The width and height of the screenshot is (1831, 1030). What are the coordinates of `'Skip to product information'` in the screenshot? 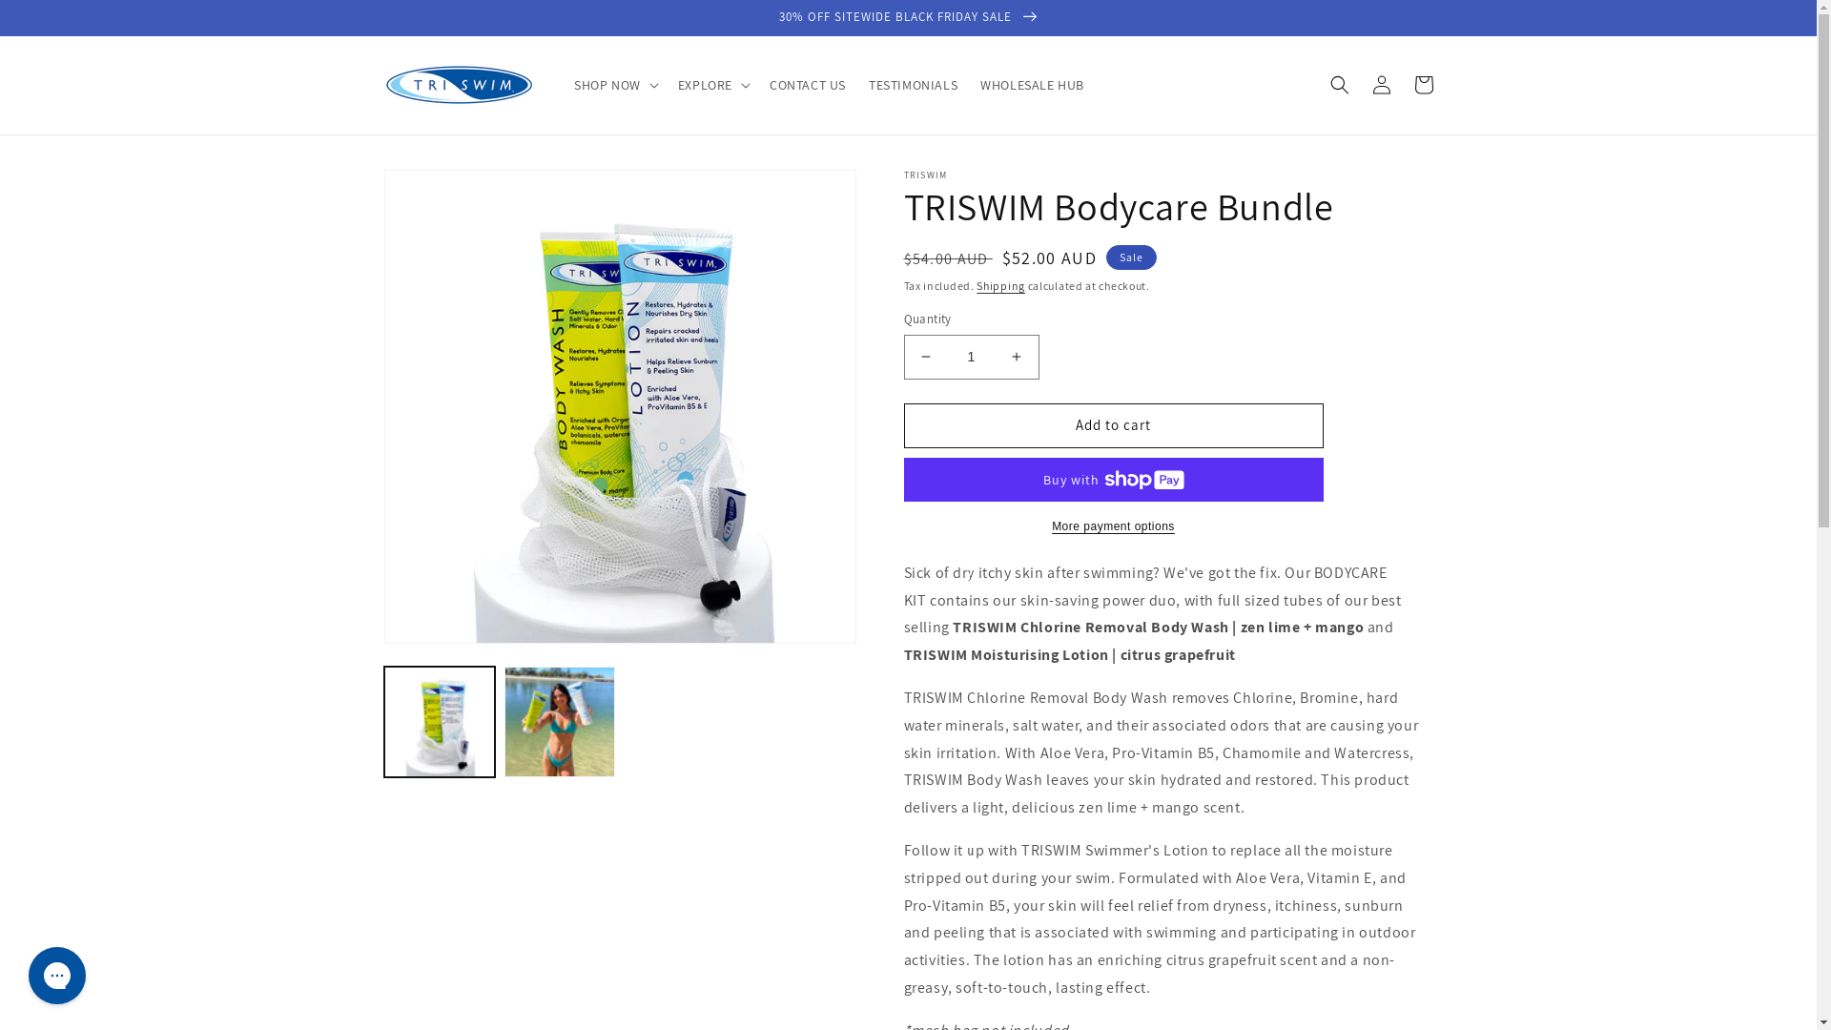 It's located at (440, 191).